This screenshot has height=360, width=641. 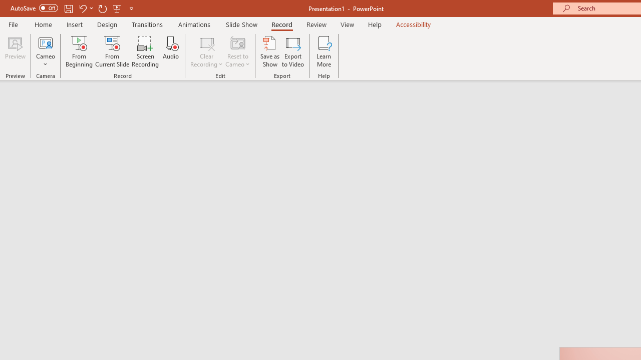 What do you see at coordinates (324, 51) in the screenshot?
I see `'Learn More'` at bounding box center [324, 51].